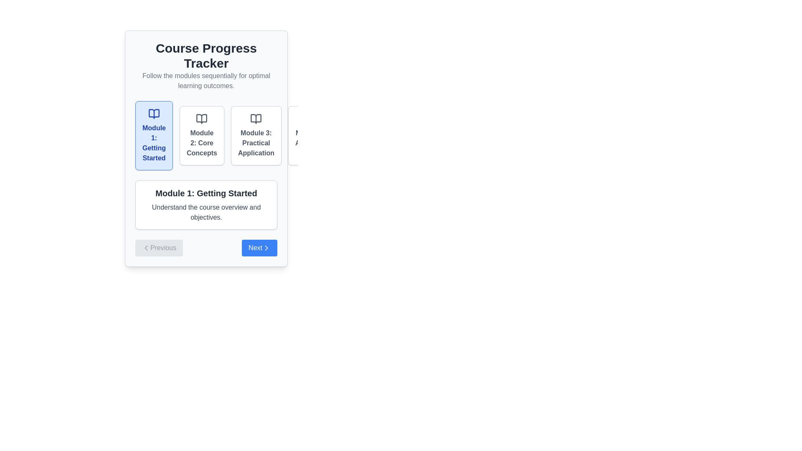  Describe the element at coordinates (202, 135) in the screenshot. I see `the 'Module 2: Core Concepts' button-like card in the Course Progress Tracker` at that location.